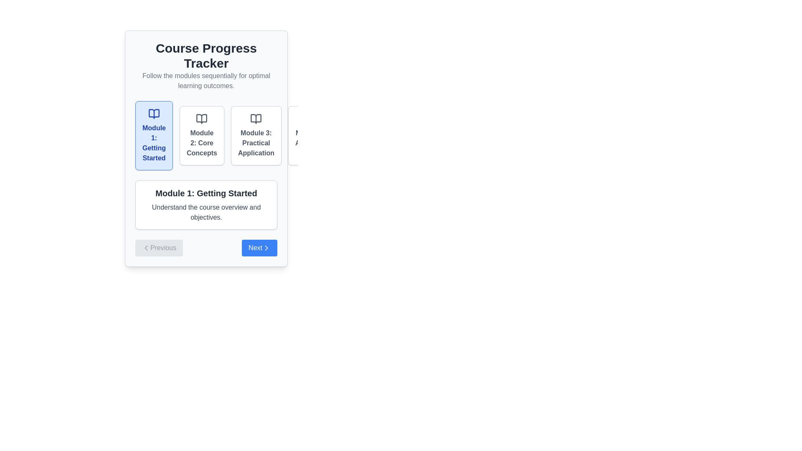  Describe the element at coordinates (202, 135) in the screenshot. I see `the 'Module 2: Core Concepts' button-like card in the Course Progress Tracker` at that location.